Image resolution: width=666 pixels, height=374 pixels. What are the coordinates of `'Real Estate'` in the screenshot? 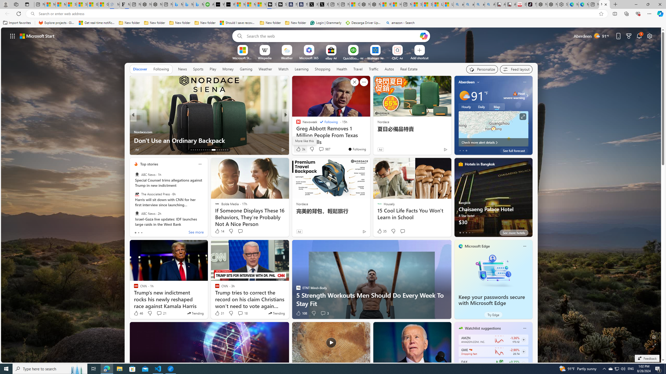 It's located at (408, 69).